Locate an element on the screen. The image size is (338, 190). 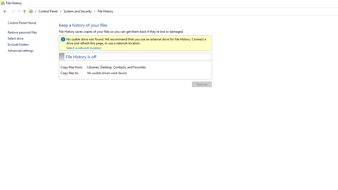
'Up band toolbar' is located at coordinates (24, 12).